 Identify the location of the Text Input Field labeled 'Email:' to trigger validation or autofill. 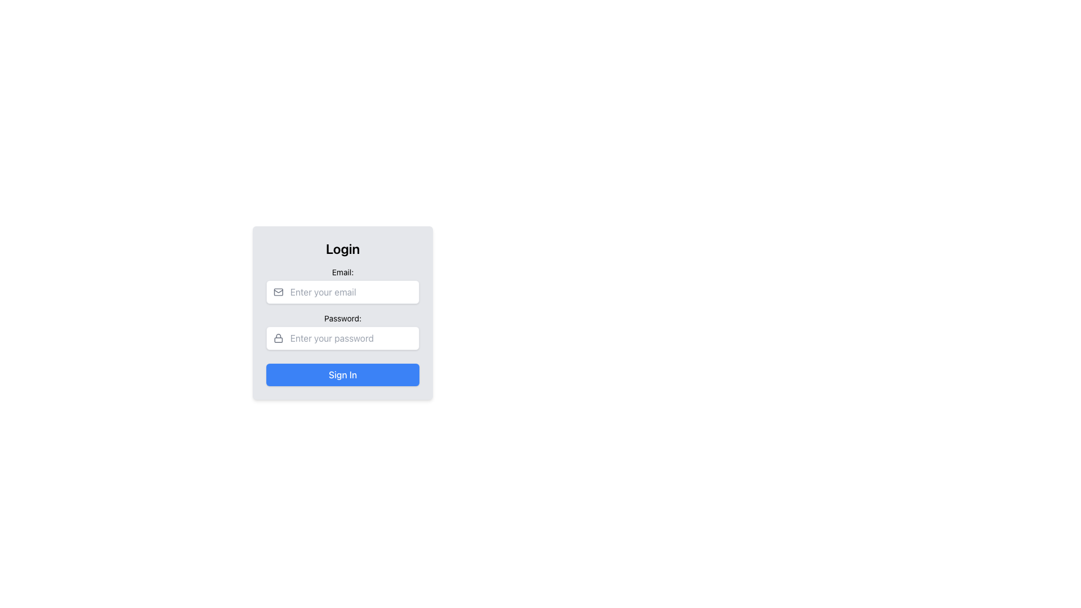
(342, 284).